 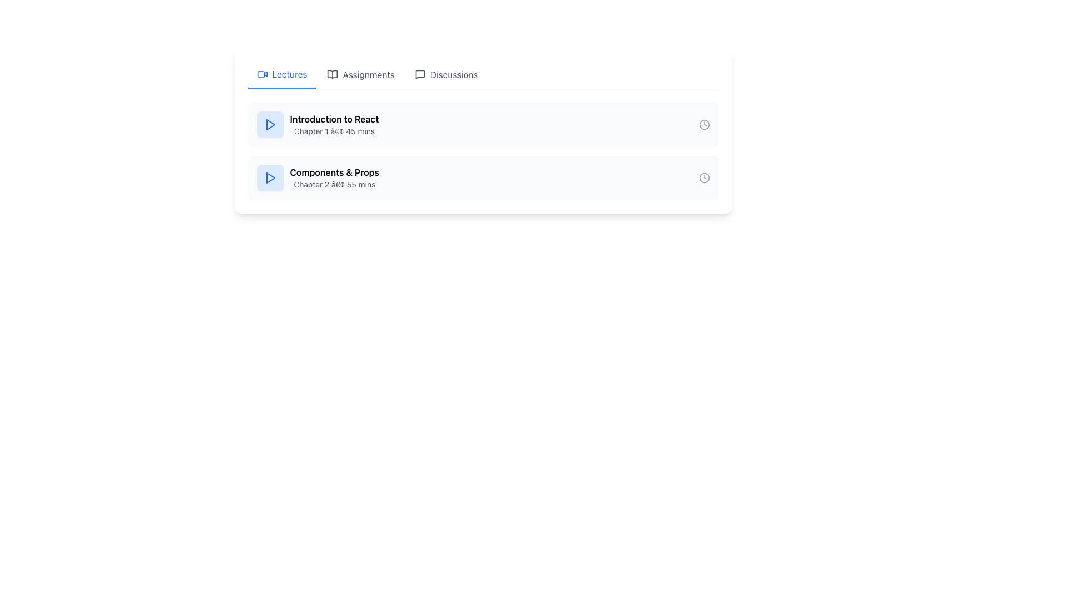 What do you see at coordinates (334, 130) in the screenshot?
I see `the static text label that reads 'Chapter 1 • 45 mins', which is styled in a smaller gray font and located directly below 'Introduction to React'` at bounding box center [334, 130].